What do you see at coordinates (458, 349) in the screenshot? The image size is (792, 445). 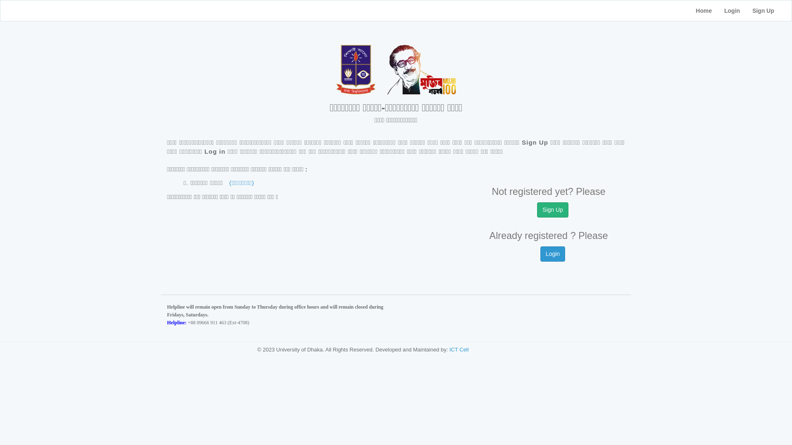 I see `'ICT Cell'` at bounding box center [458, 349].